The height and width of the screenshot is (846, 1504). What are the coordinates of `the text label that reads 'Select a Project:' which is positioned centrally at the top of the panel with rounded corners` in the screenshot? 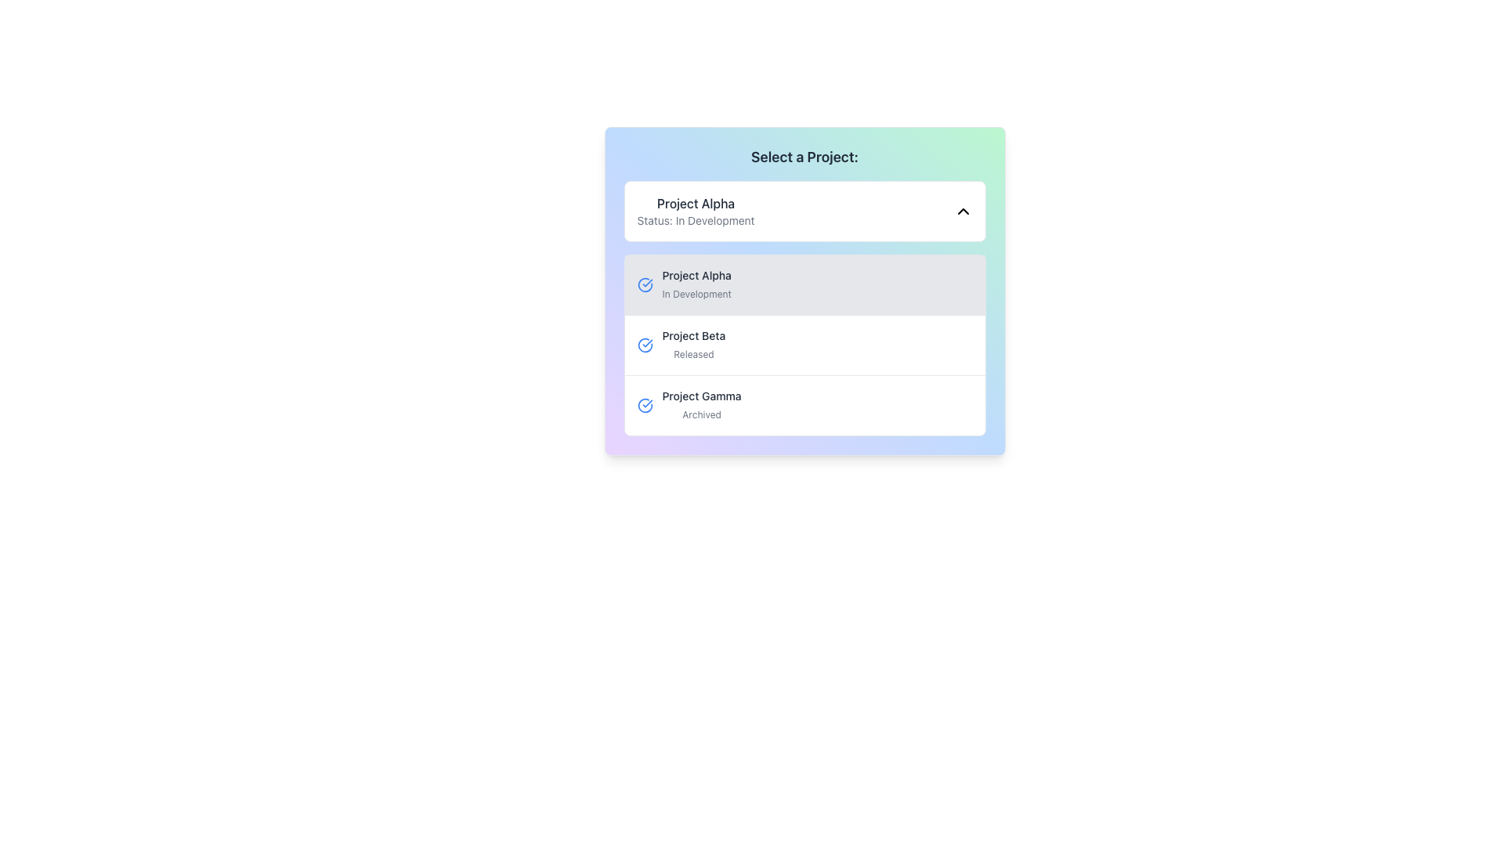 It's located at (804, 157).